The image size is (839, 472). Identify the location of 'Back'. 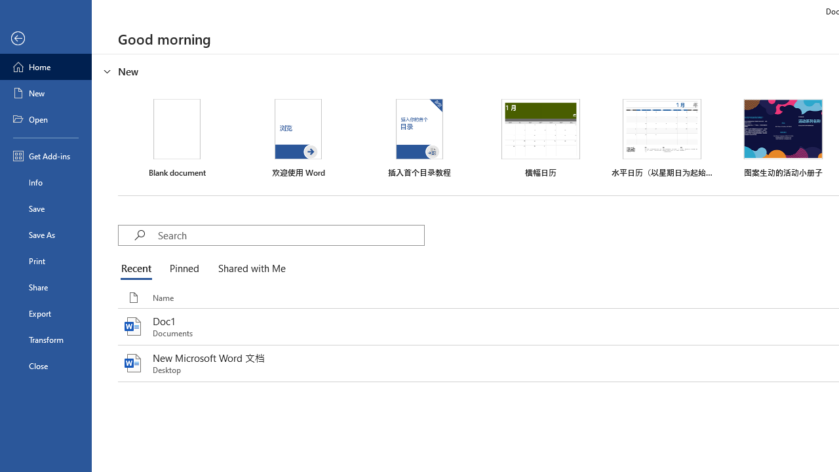
(45, 38).